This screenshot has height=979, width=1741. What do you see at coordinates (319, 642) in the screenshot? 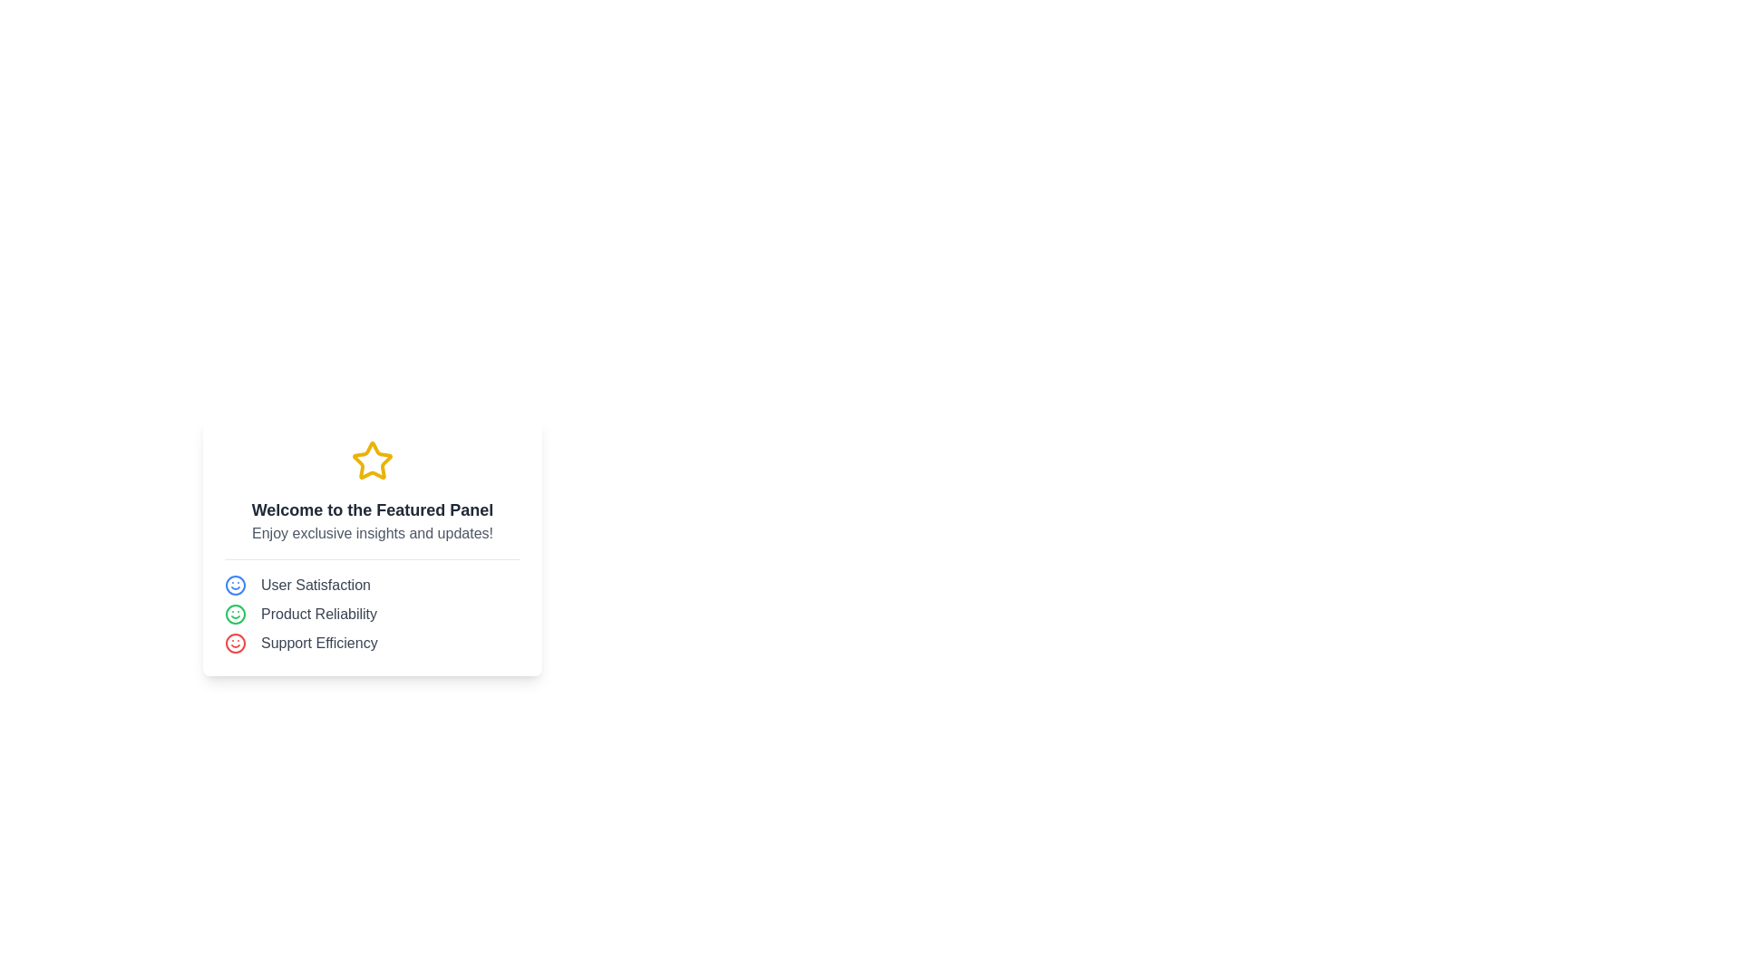
I see `the descriptive text label that presents a performance measure, located at the bottom section of the panel, following the 'Product Reliability' label` at bounding box center [319, 642].